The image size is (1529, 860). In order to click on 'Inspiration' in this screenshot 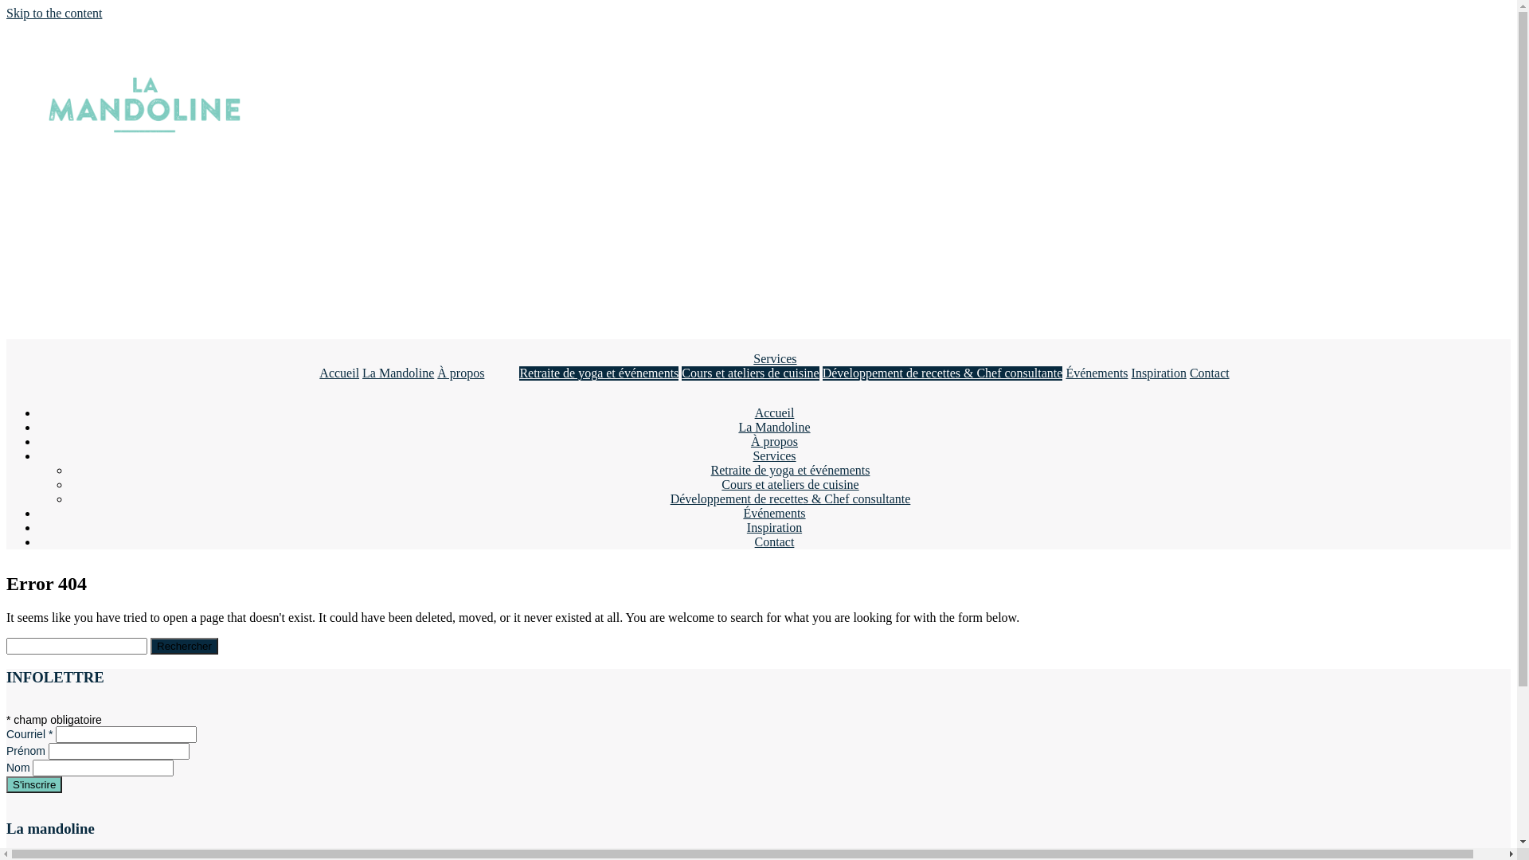, I will do `click(774, 527)`.